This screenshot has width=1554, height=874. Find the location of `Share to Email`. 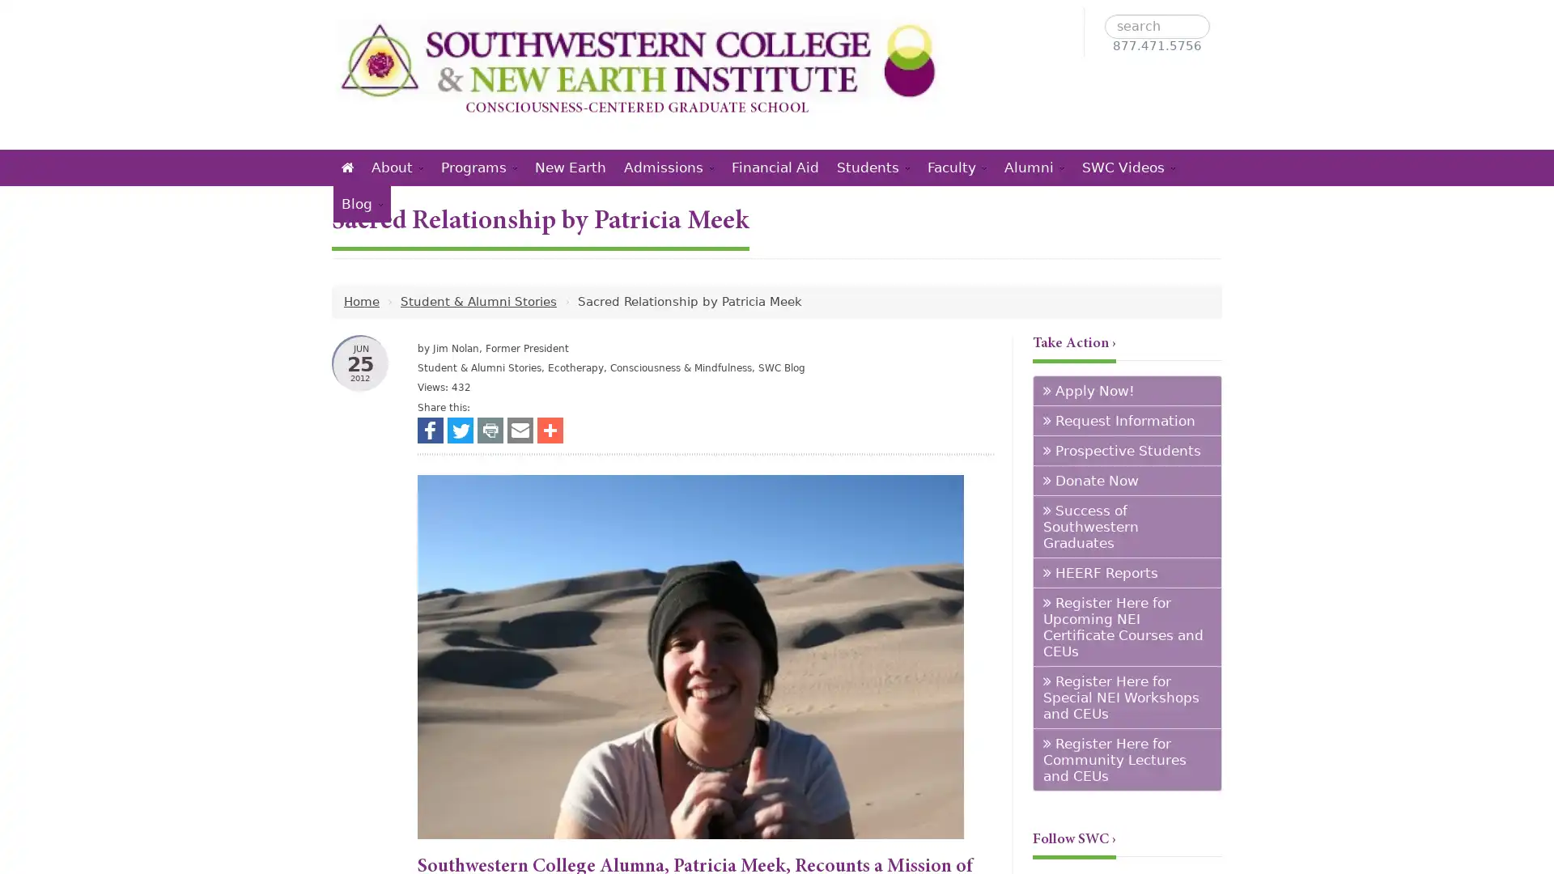

Share to Email is located at coordinates (520, 429).